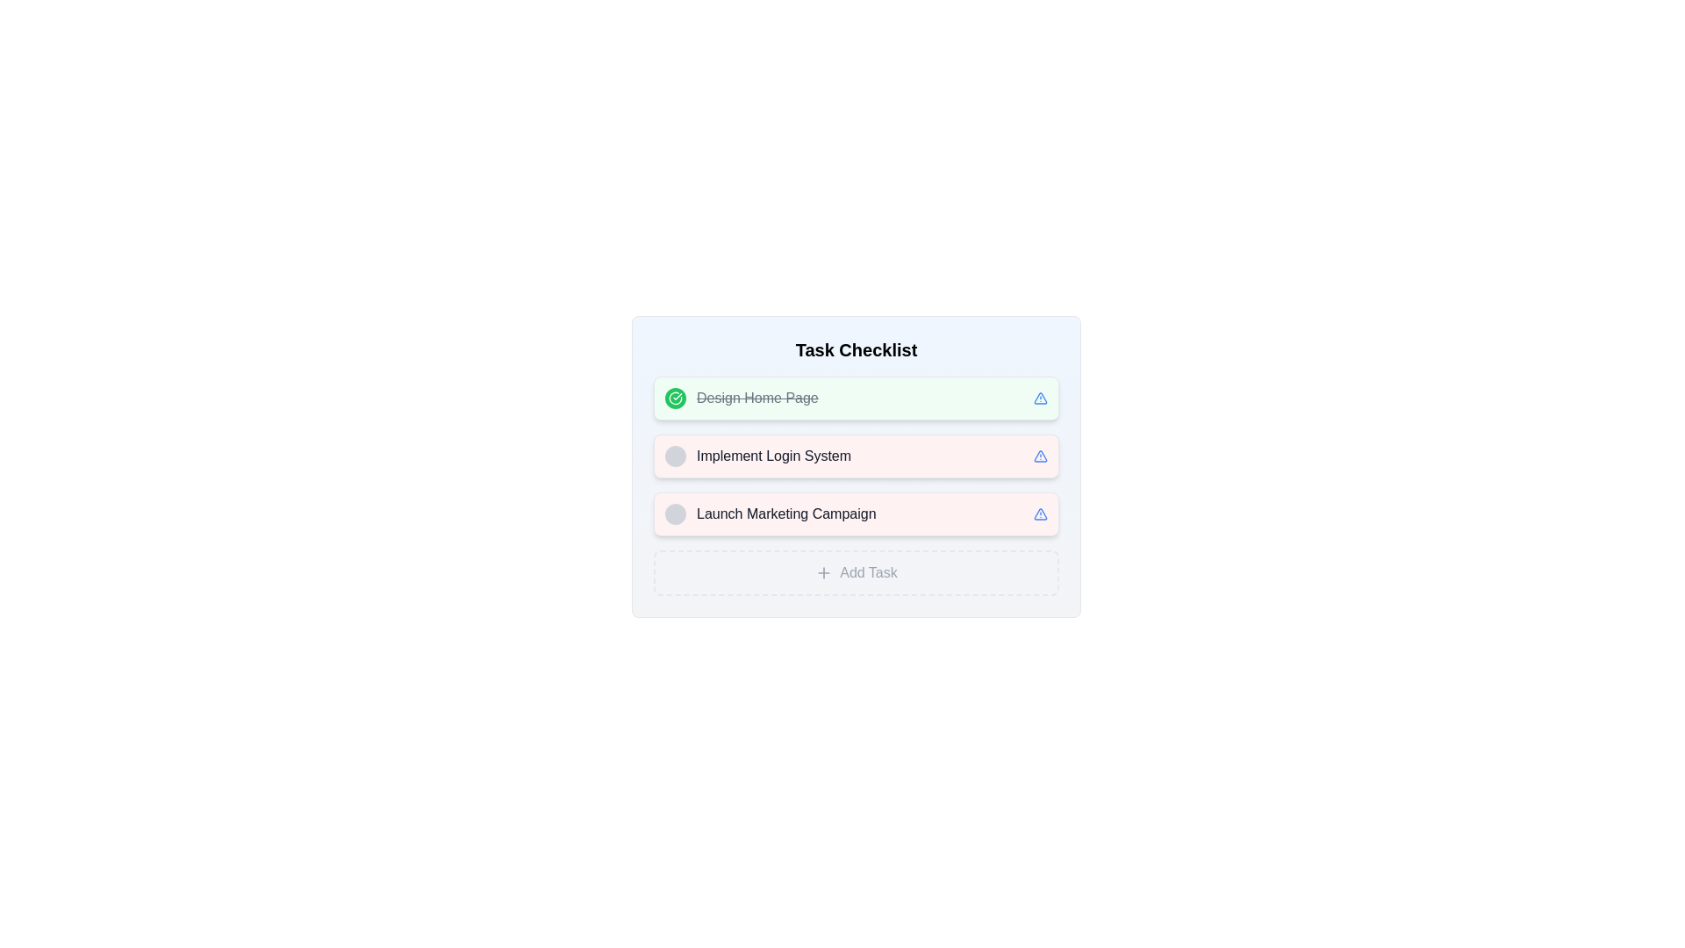  I want to click on the small triangle icon with a blue border in the top-right corner of the 'Design Home Page' checklist, so click(1040, 399).